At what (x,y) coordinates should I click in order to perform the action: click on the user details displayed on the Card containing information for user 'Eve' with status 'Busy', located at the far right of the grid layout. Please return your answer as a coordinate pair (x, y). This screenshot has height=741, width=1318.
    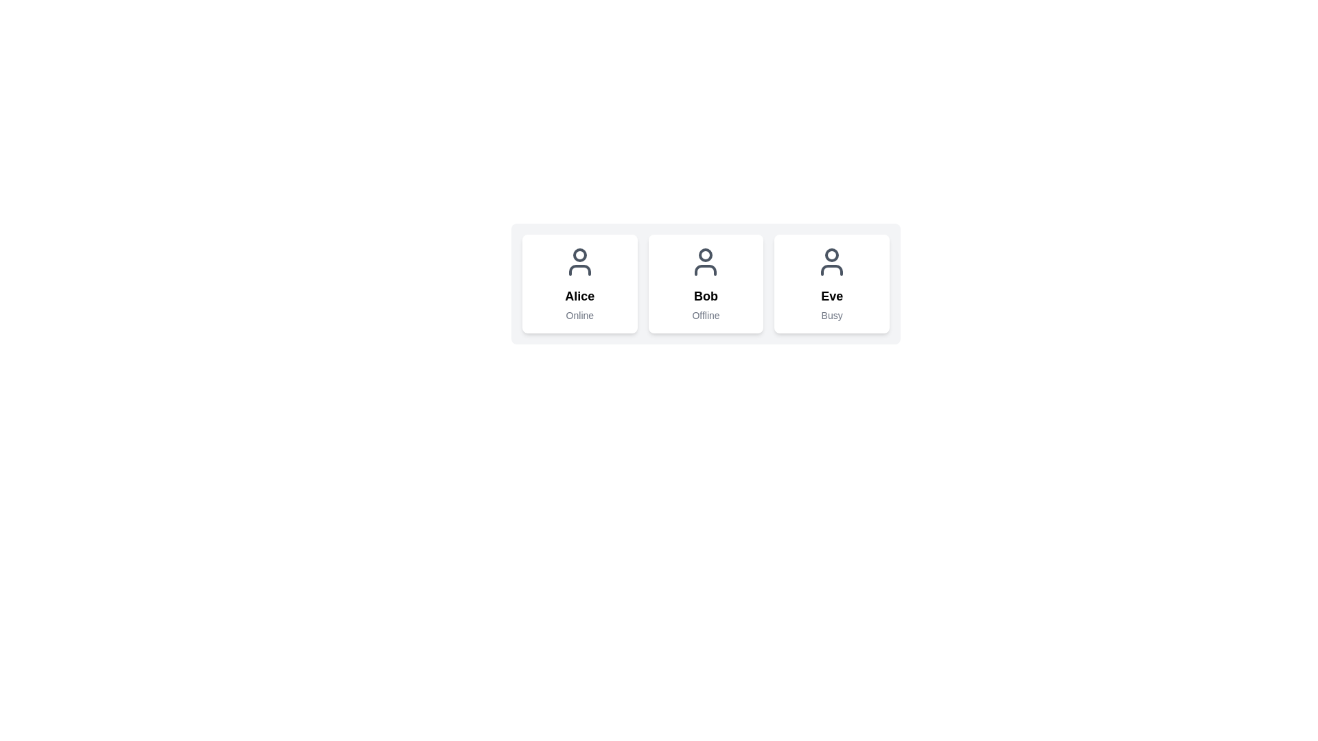
    Looking at the image, I should click on (831, 283).